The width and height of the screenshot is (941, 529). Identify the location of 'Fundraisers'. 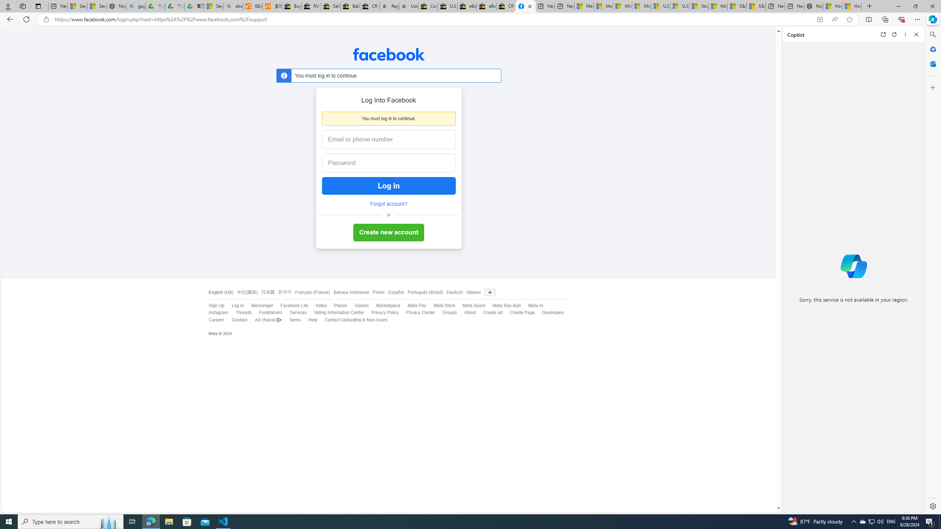
(266, 313).